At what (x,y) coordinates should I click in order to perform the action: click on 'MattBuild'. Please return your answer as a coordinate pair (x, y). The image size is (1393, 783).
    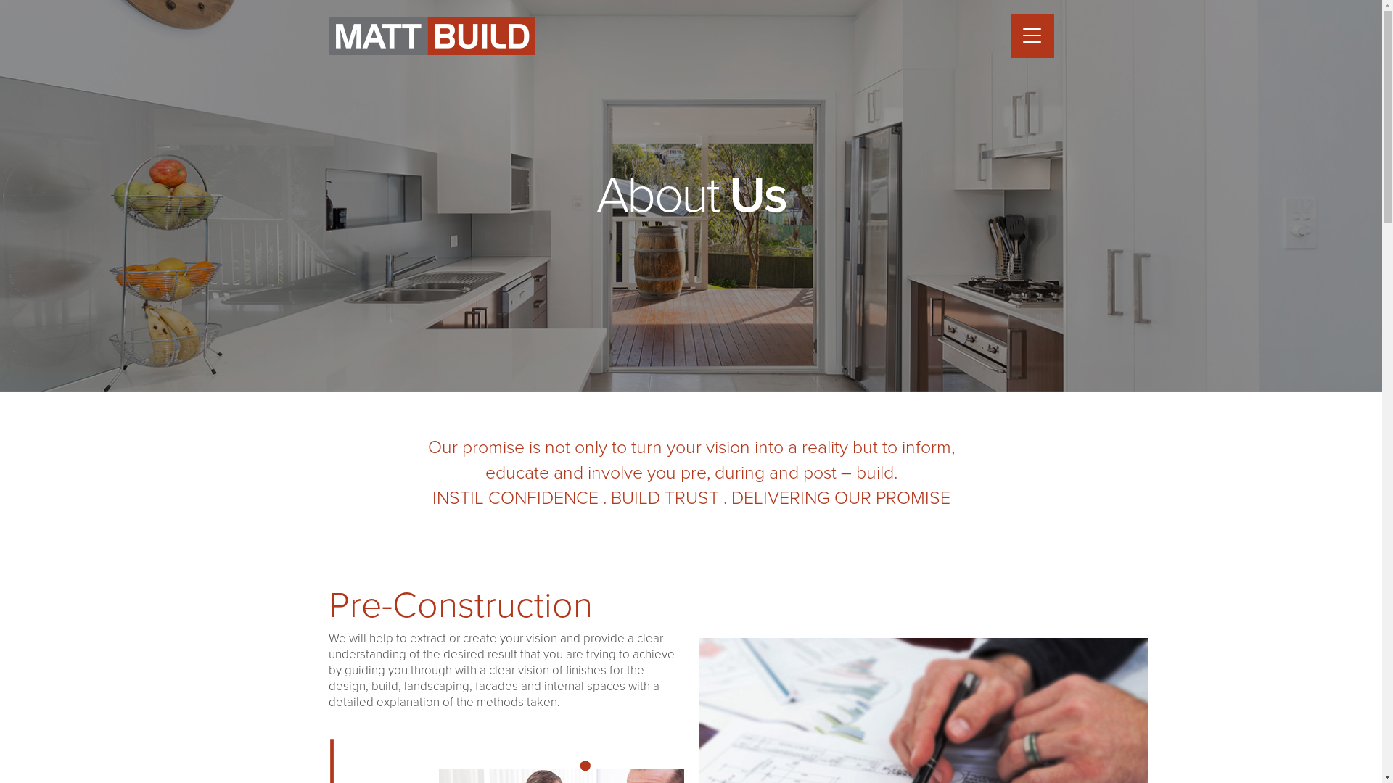
    Looking at the image, I should click on (430, 36).